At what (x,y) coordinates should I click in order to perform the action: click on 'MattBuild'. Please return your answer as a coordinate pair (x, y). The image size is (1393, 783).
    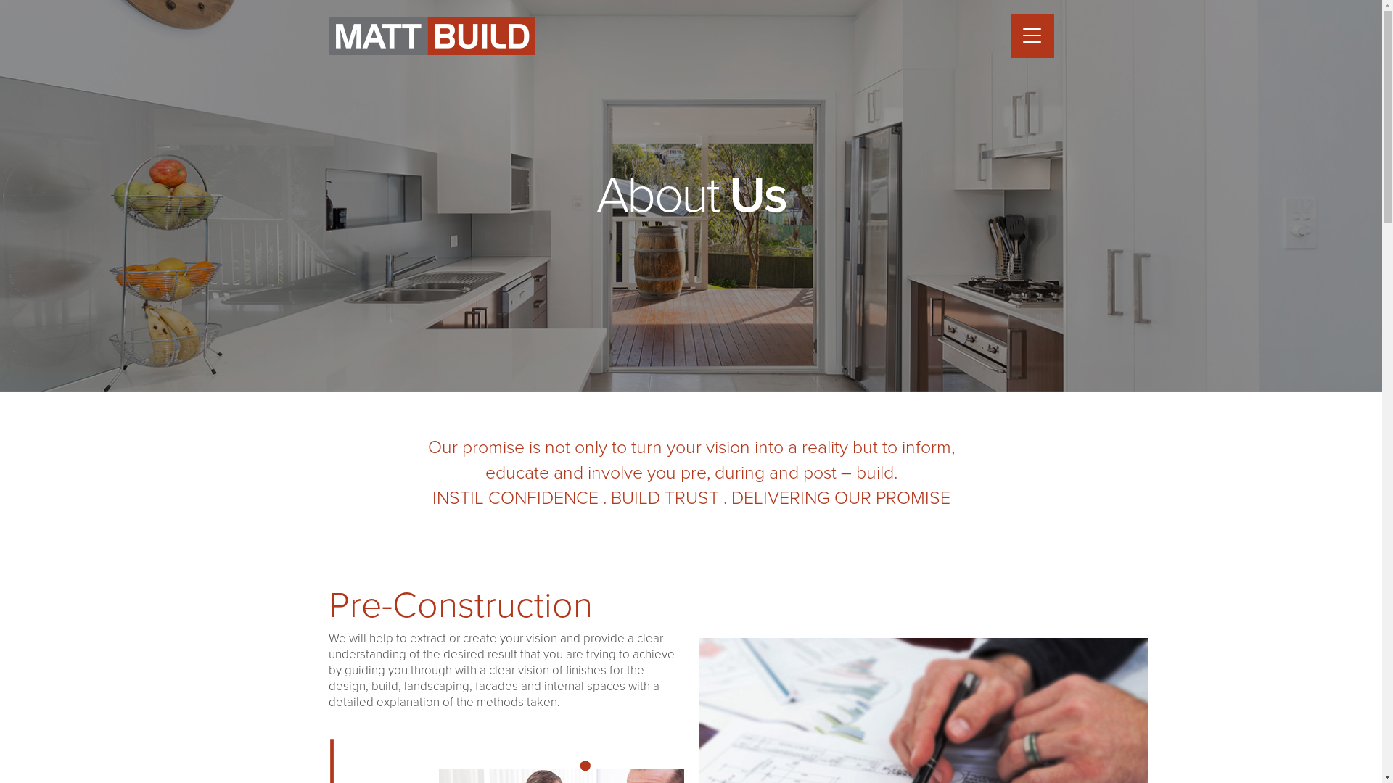
    Looking at the image, I should click on (430, 36).